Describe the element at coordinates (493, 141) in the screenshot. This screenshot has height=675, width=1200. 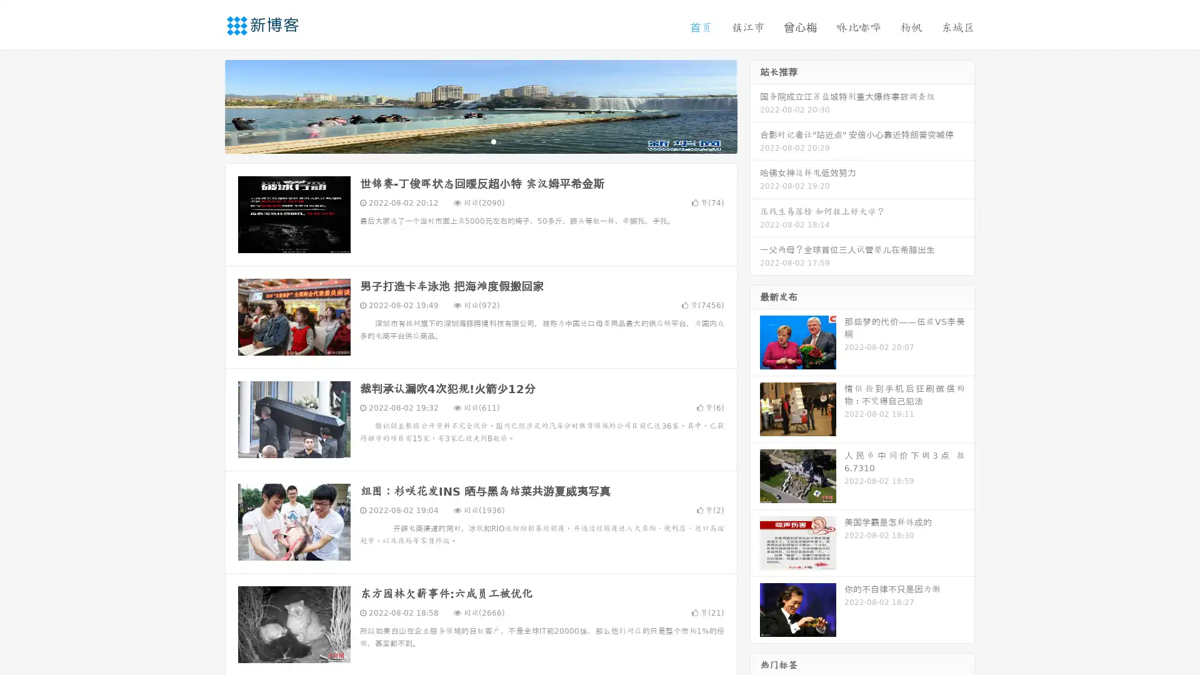
I see `Go to slide 3` at that location.